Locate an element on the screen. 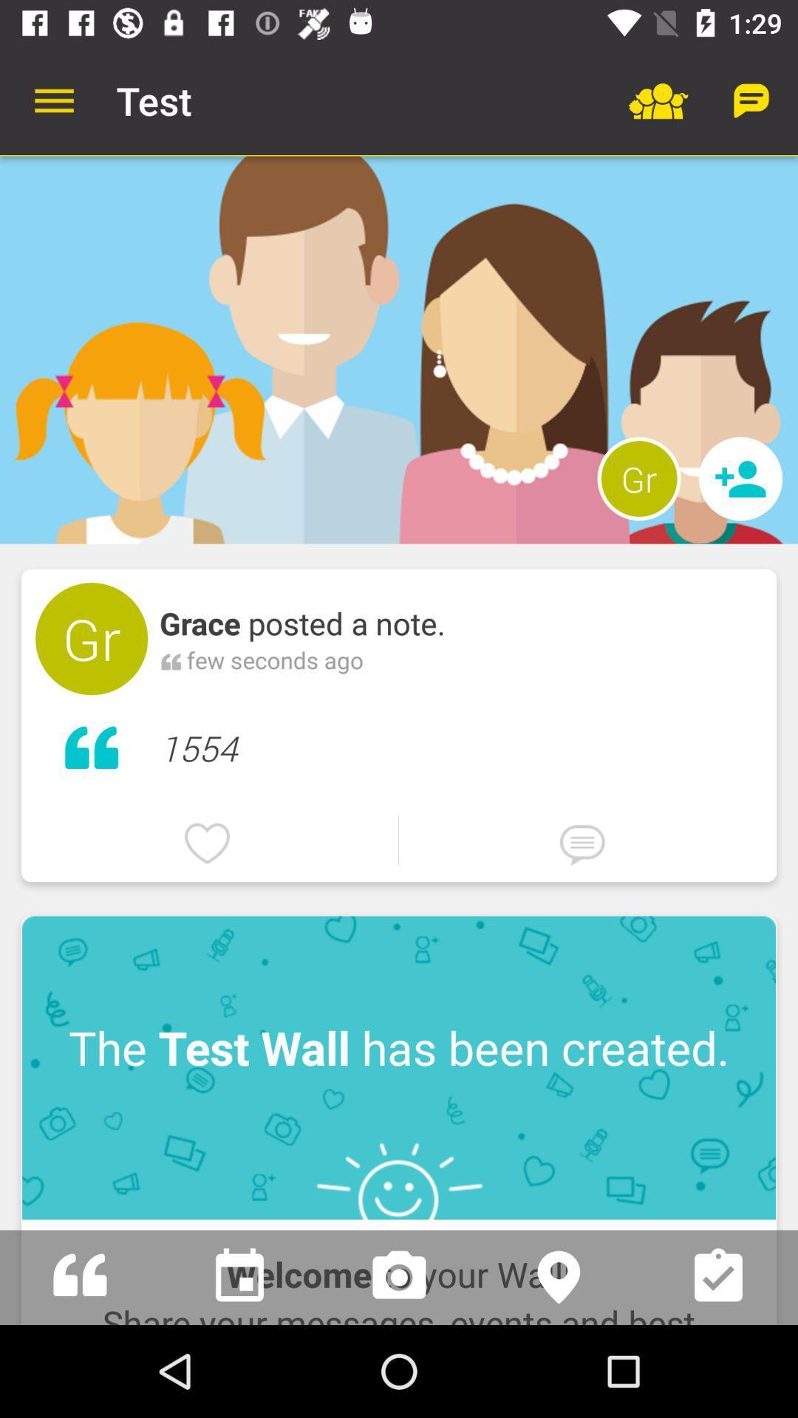 The width and height of the screenshot is (798, 1418). post a note is located at coordinates (80, 1276).